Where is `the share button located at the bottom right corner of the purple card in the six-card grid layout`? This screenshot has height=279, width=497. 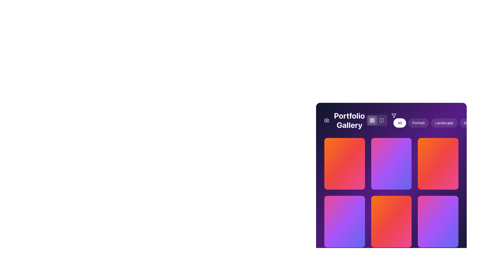 the share button located at the bottom right corner of the purple card in the six-card grid layout is located at coordinates (456, 239).